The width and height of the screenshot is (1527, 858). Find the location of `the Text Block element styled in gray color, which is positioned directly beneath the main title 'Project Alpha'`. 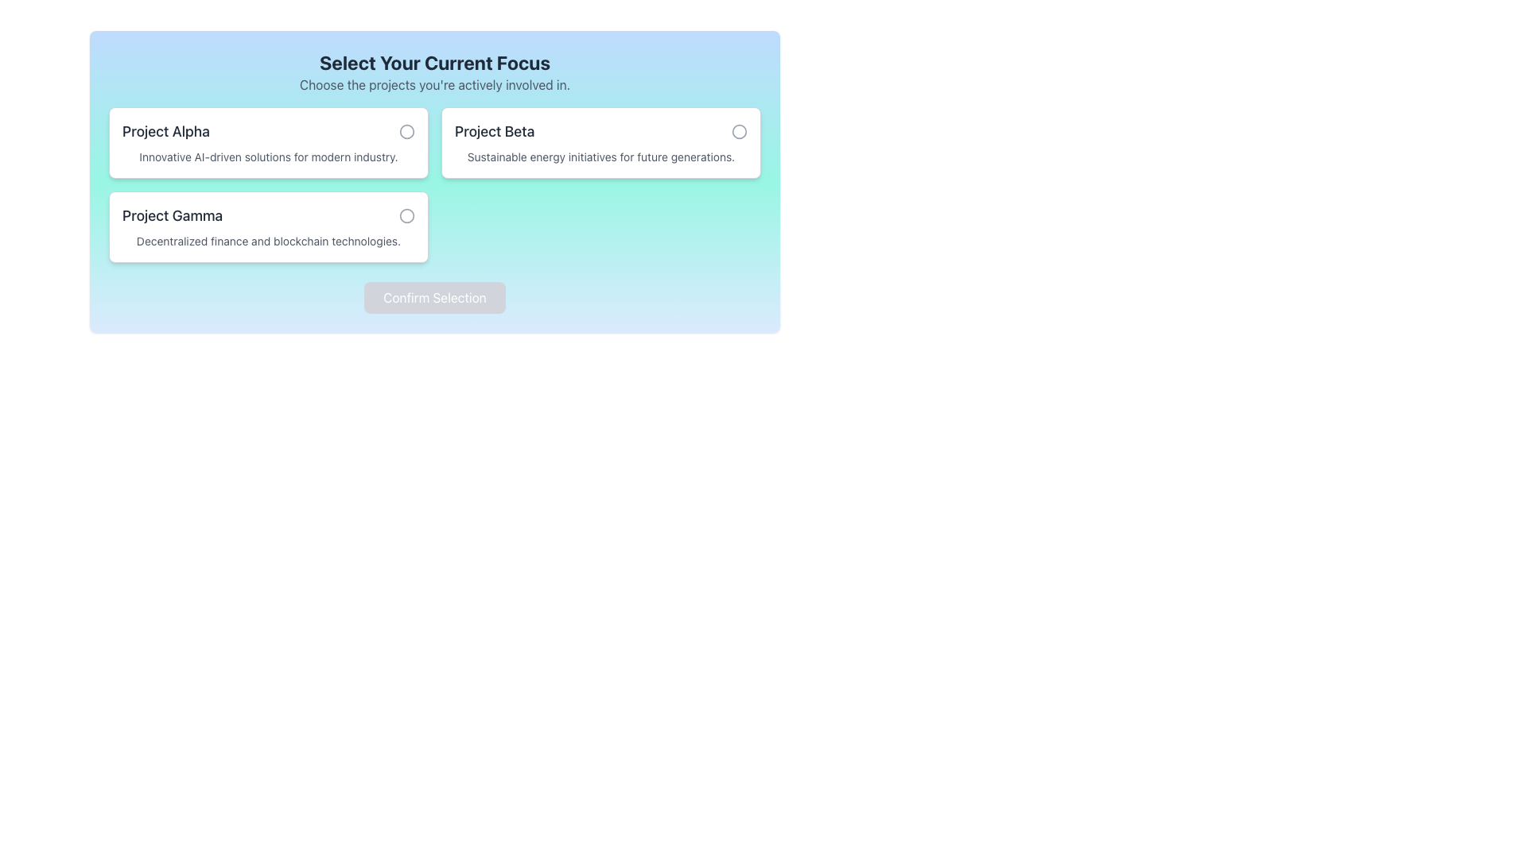

the Text Block element styled in gray color, which is positioned directly beneath the main title 'Project Alpha' is located at coordinates (268, 157).